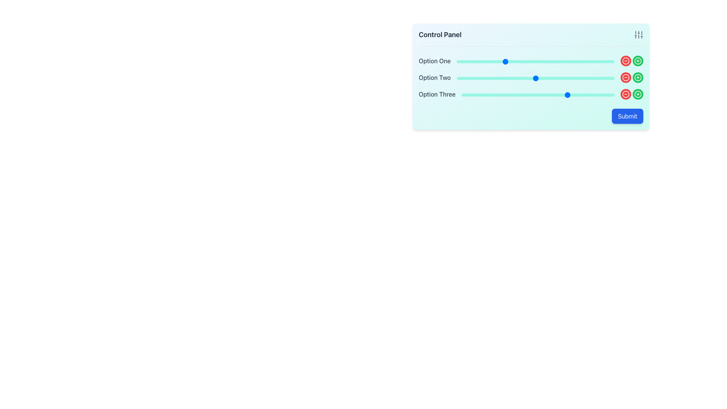  I want to click on the slider for 'Option Three', so click(587, 94).